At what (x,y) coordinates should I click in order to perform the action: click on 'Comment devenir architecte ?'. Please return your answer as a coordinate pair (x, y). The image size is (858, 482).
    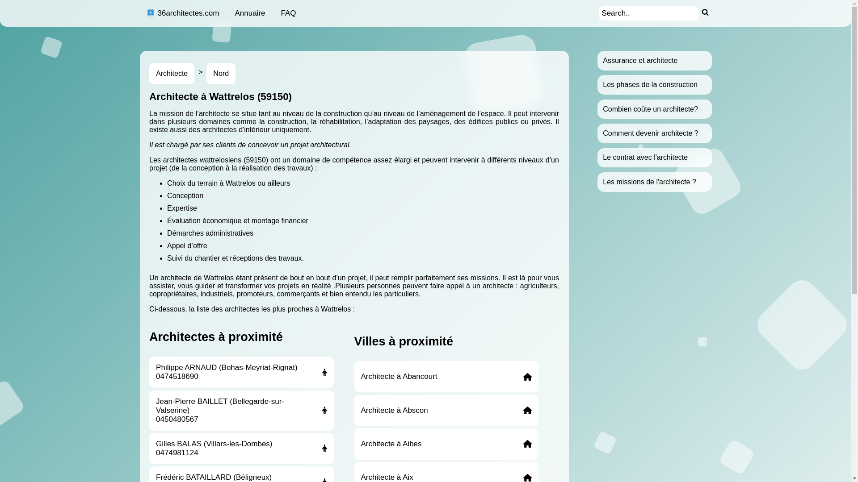
    Looking at the image, I should click on (650, 133).